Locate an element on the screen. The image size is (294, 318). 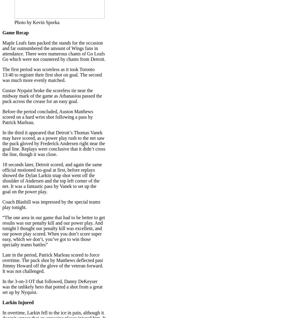
'Game Recap' is located at coordinates (2, 32).